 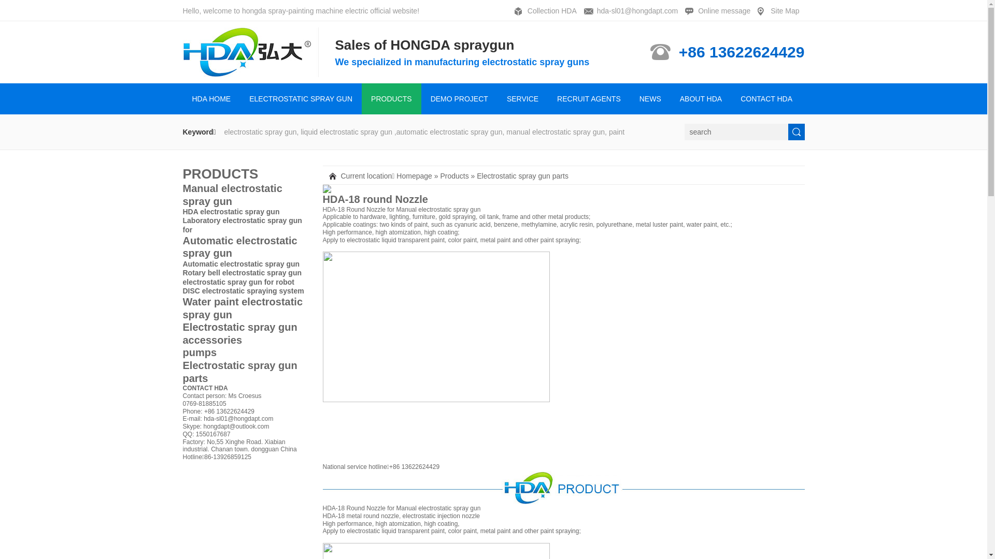 I want to click on 'DEMO PROJECT', so click(x=459, y=99).